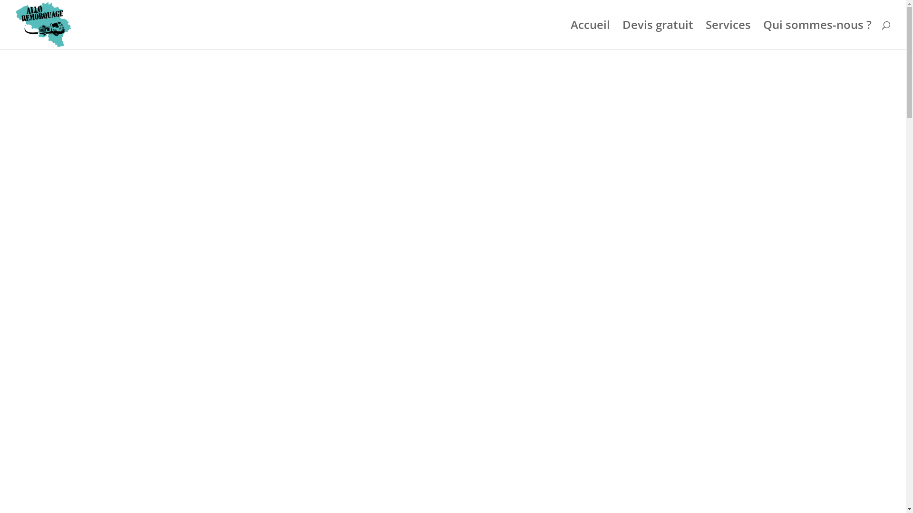  I want to click on 'Accueil', so click(590, 35).